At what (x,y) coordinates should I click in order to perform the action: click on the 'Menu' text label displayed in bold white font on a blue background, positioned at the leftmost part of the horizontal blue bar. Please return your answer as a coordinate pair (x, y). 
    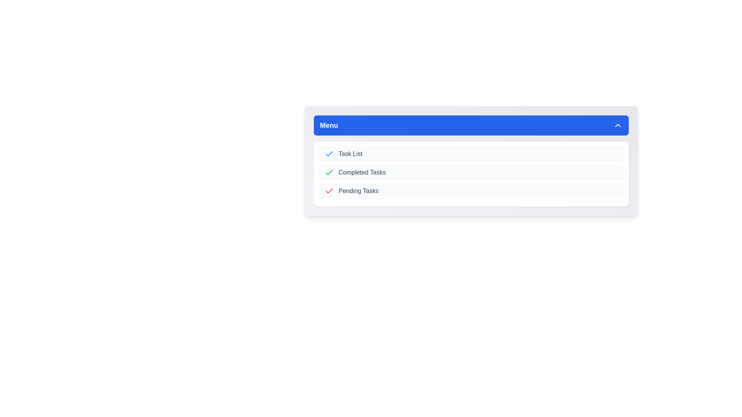
    Looking at the image, I should click on (329, 125).